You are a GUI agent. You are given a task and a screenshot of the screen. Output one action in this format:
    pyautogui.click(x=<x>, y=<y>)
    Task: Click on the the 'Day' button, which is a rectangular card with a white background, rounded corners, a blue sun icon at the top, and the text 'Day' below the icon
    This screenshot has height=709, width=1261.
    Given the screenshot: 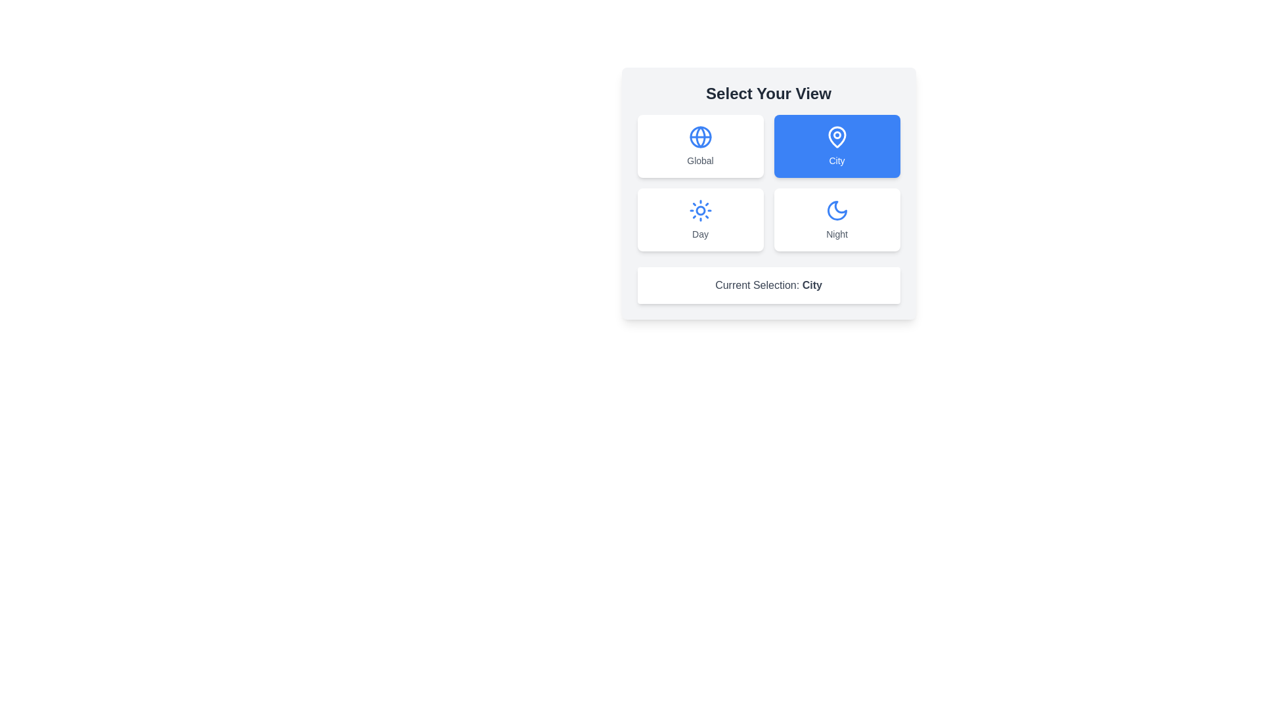 What is the action you would take?
    pyautogui.click(x=699, y=219)
    